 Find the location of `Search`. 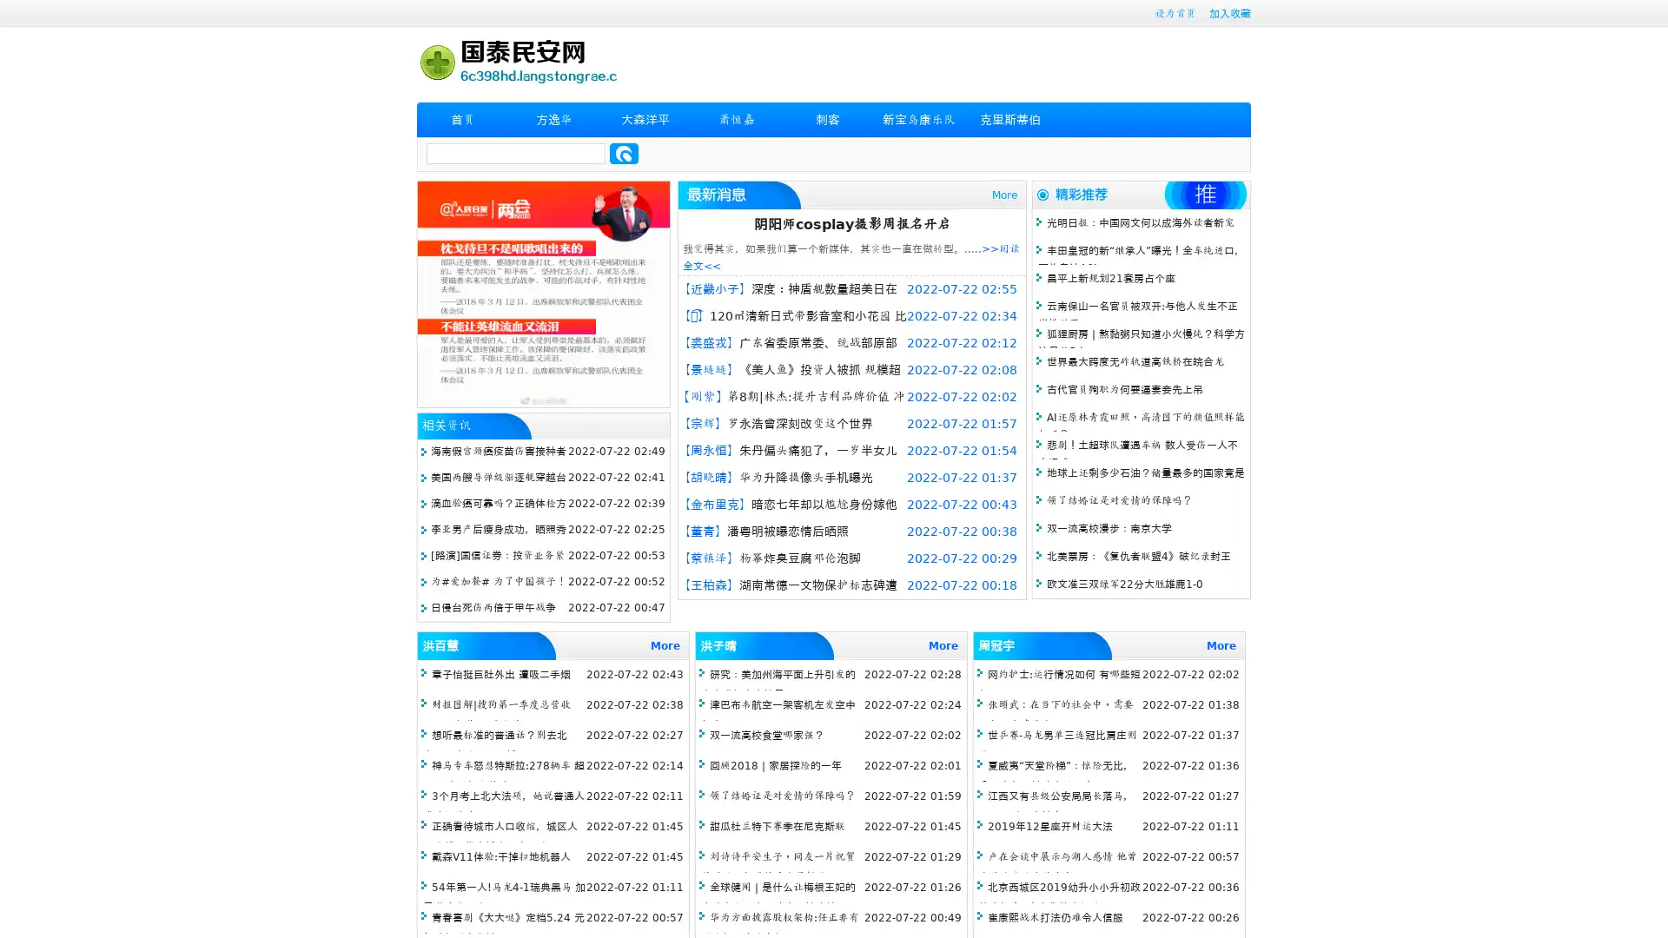

Search is located at coordinates (624, 153).